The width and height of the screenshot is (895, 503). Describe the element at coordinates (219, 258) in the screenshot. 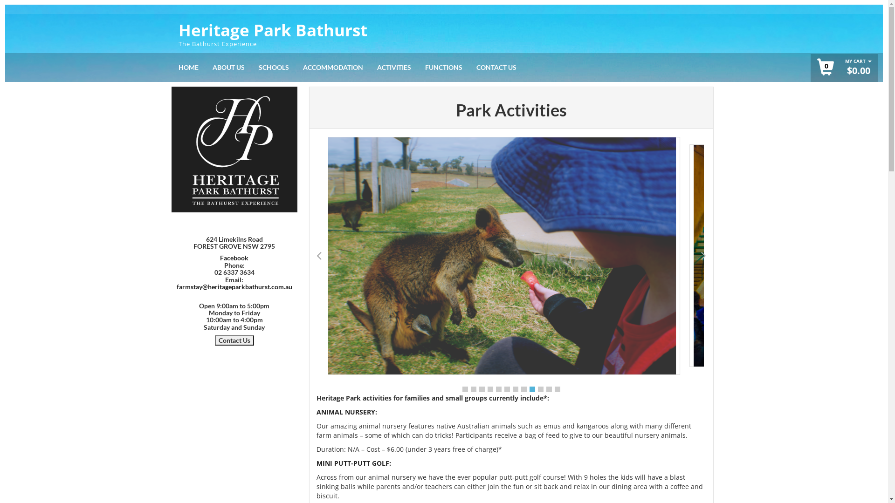

I see `'Facebook'` at that location.